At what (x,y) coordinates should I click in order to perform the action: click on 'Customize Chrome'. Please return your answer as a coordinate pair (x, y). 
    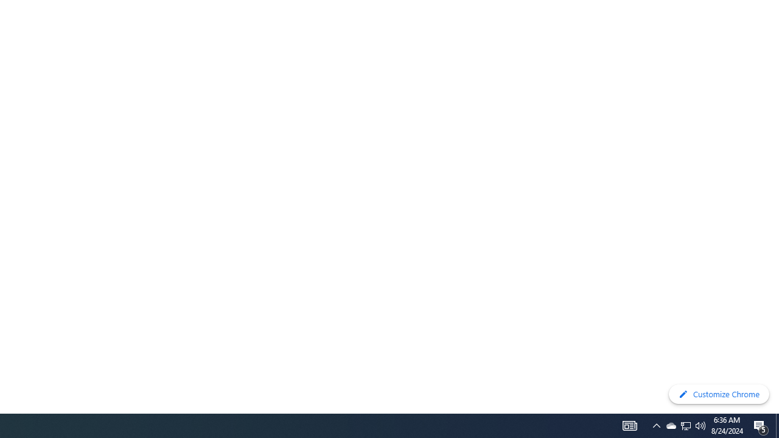
    Looking at the image, I should click on (719, 394).